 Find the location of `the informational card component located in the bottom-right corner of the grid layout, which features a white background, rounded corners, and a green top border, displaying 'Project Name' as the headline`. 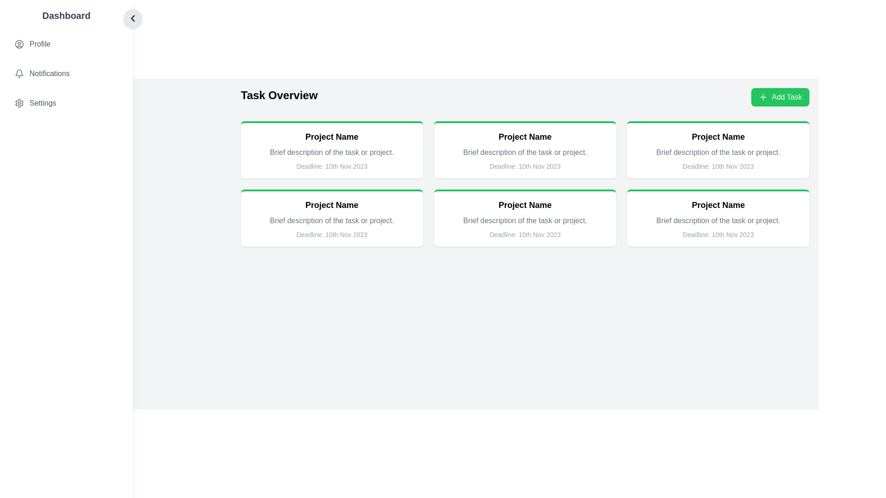

the informational card component located in the bottom-right corner of the grid layout, which features a white background, rounded corners, and a green top border, displaying 'Project Name' as the headline is located at coordinates (718, 218).